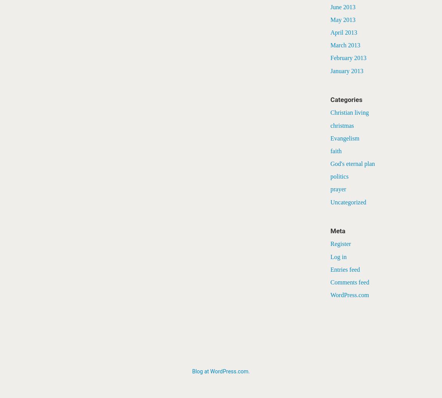  Describe the element at coordinates (349, 282) in the screenshot. I see `'Comments feed'` at that location.